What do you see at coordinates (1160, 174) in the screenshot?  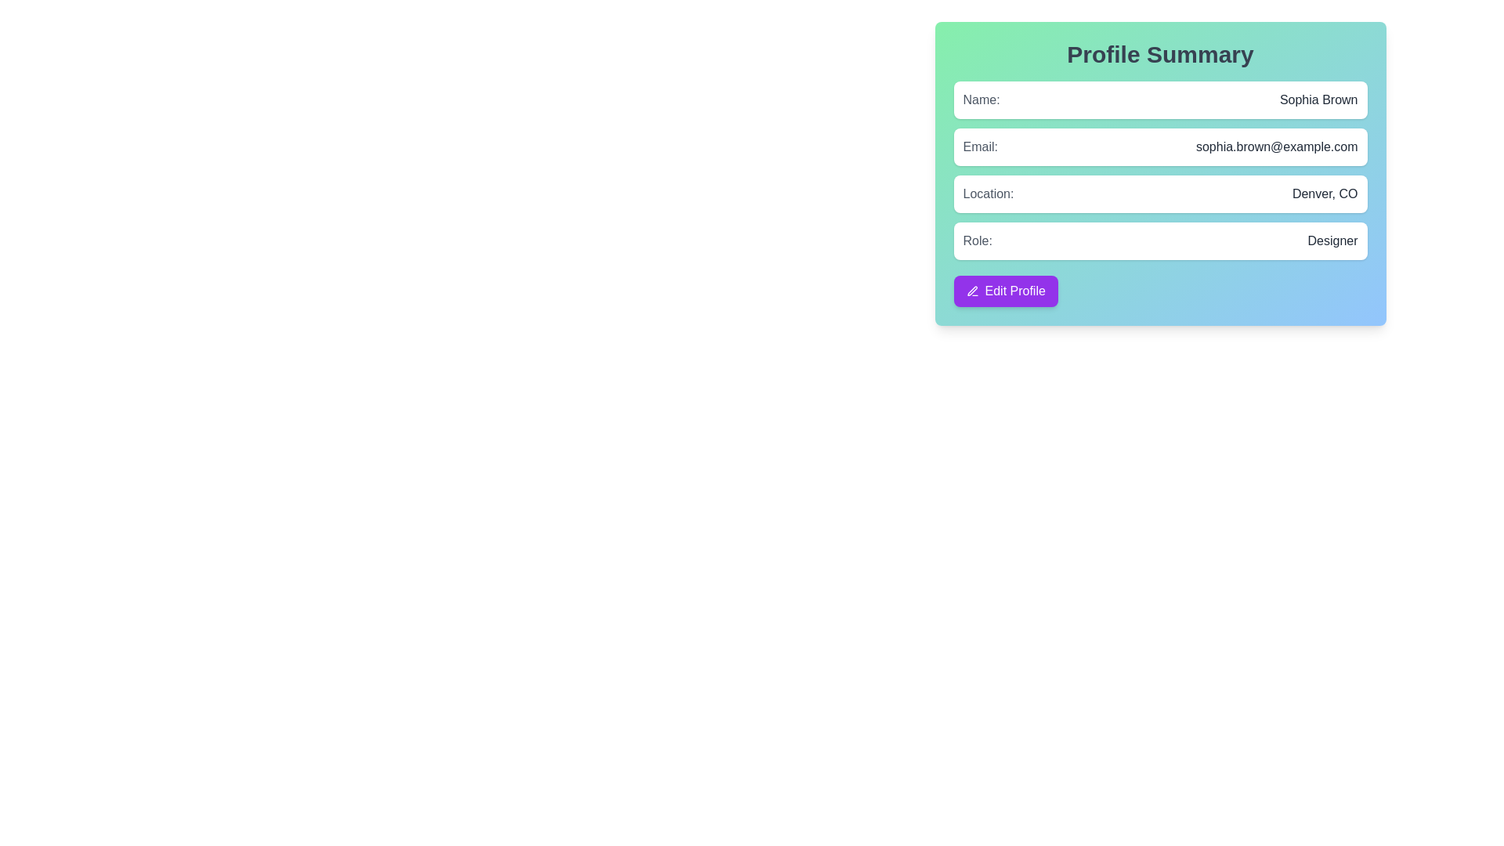 I see `displayed user information from the Profile Summary Panel, which features a gradient background and includes user details such as name, email, location, and role` at bounding box center [1160, 174].